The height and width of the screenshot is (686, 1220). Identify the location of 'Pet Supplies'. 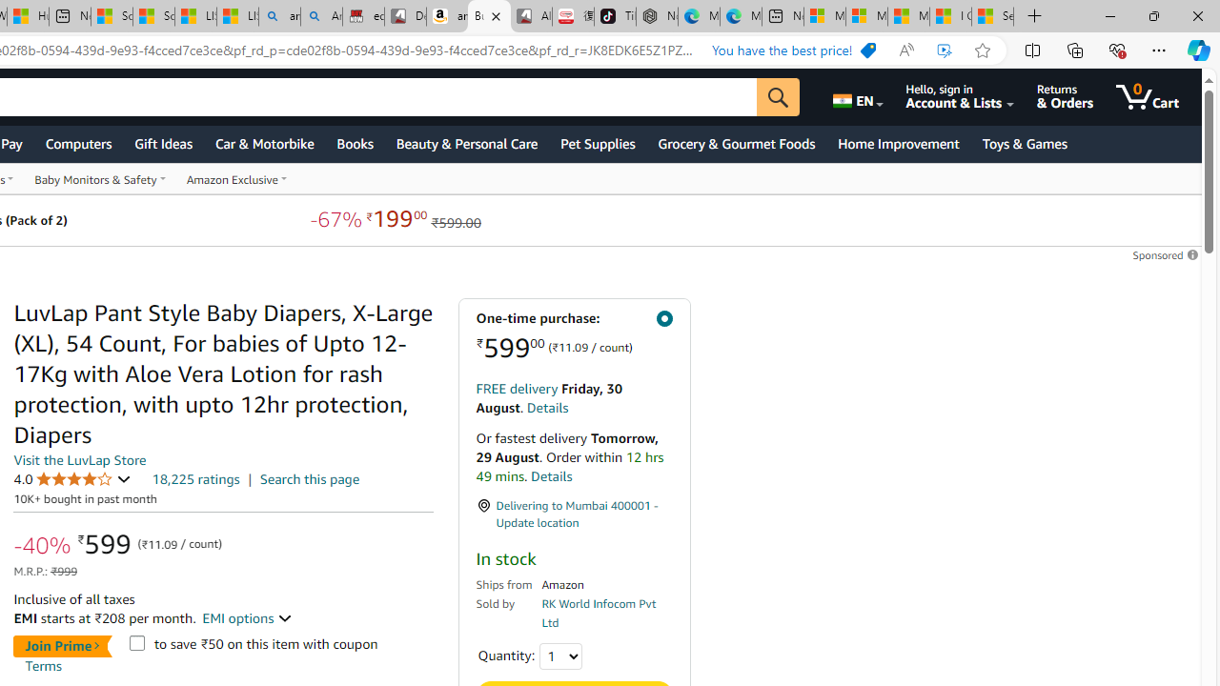
(597, 142).